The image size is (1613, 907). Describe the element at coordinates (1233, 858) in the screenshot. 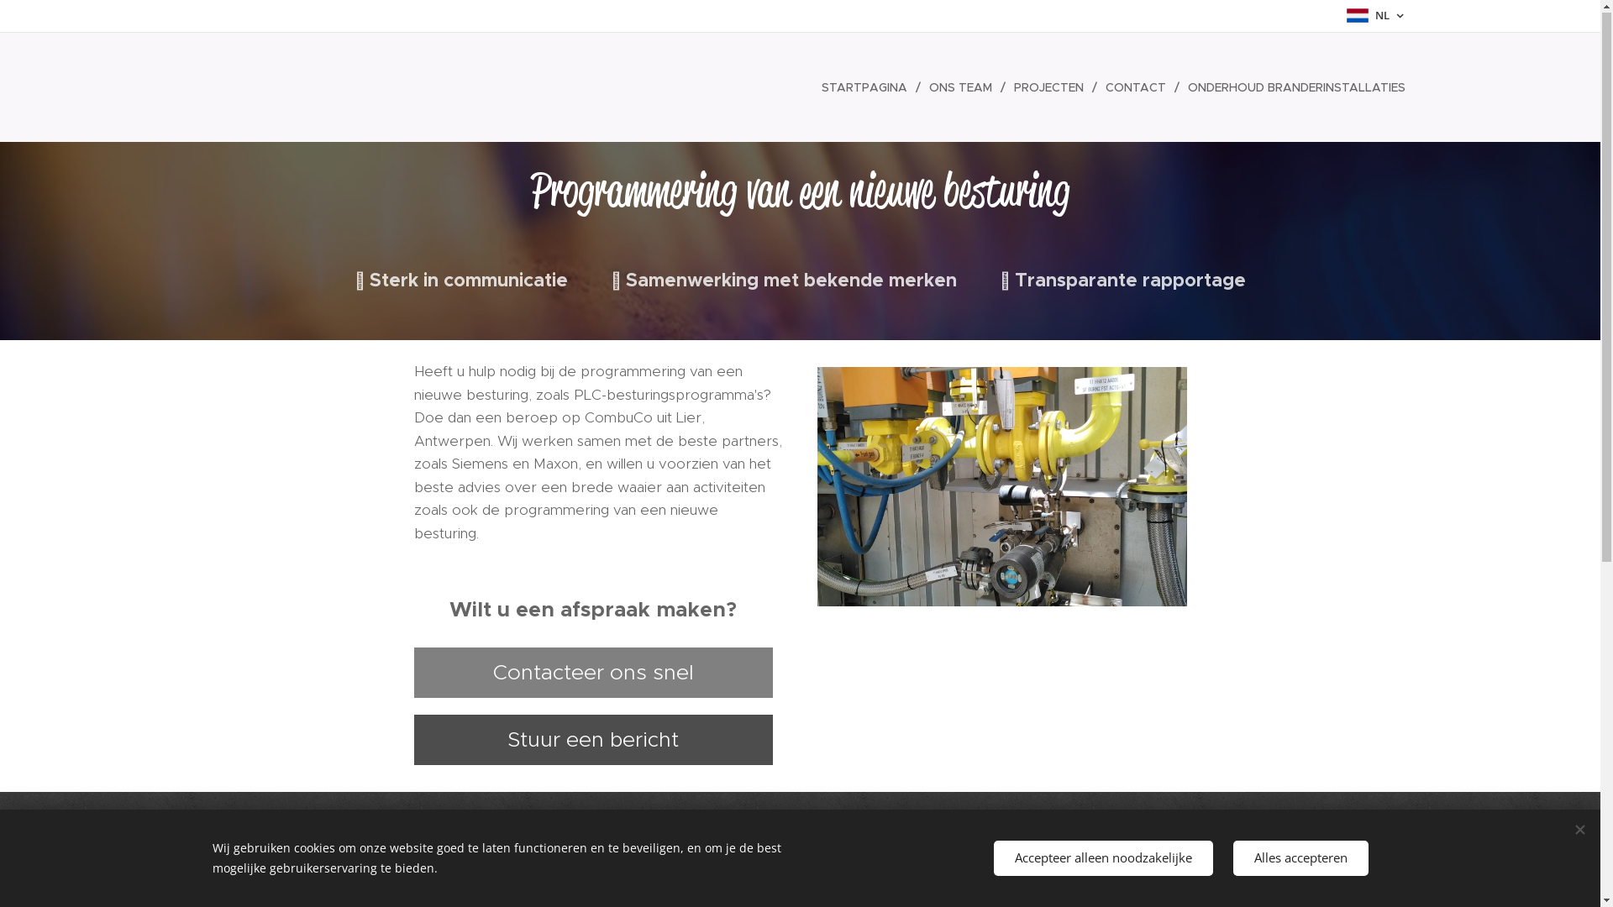

I see `'Alles accepteren'` at that location.